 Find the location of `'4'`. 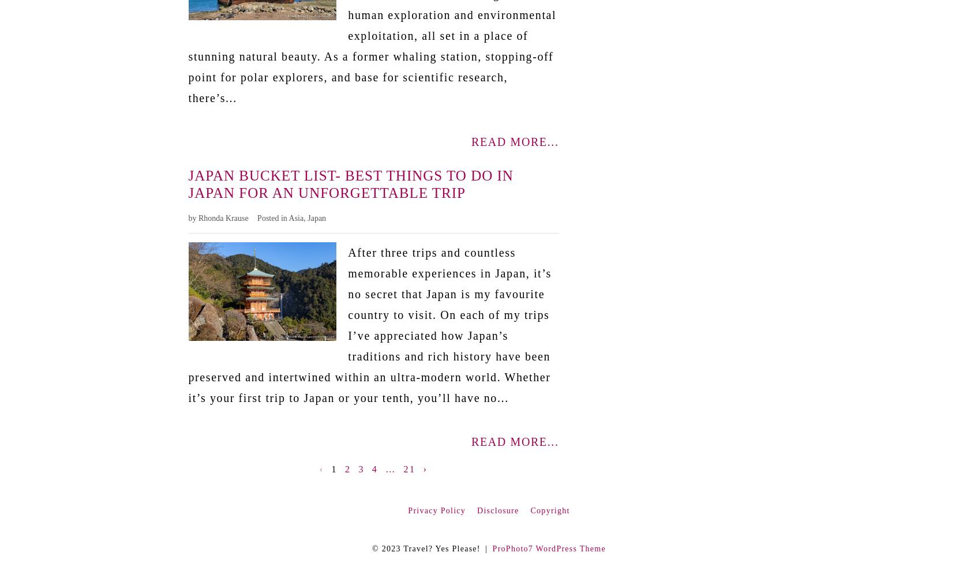

'4' is located at coordinates (374, 468).